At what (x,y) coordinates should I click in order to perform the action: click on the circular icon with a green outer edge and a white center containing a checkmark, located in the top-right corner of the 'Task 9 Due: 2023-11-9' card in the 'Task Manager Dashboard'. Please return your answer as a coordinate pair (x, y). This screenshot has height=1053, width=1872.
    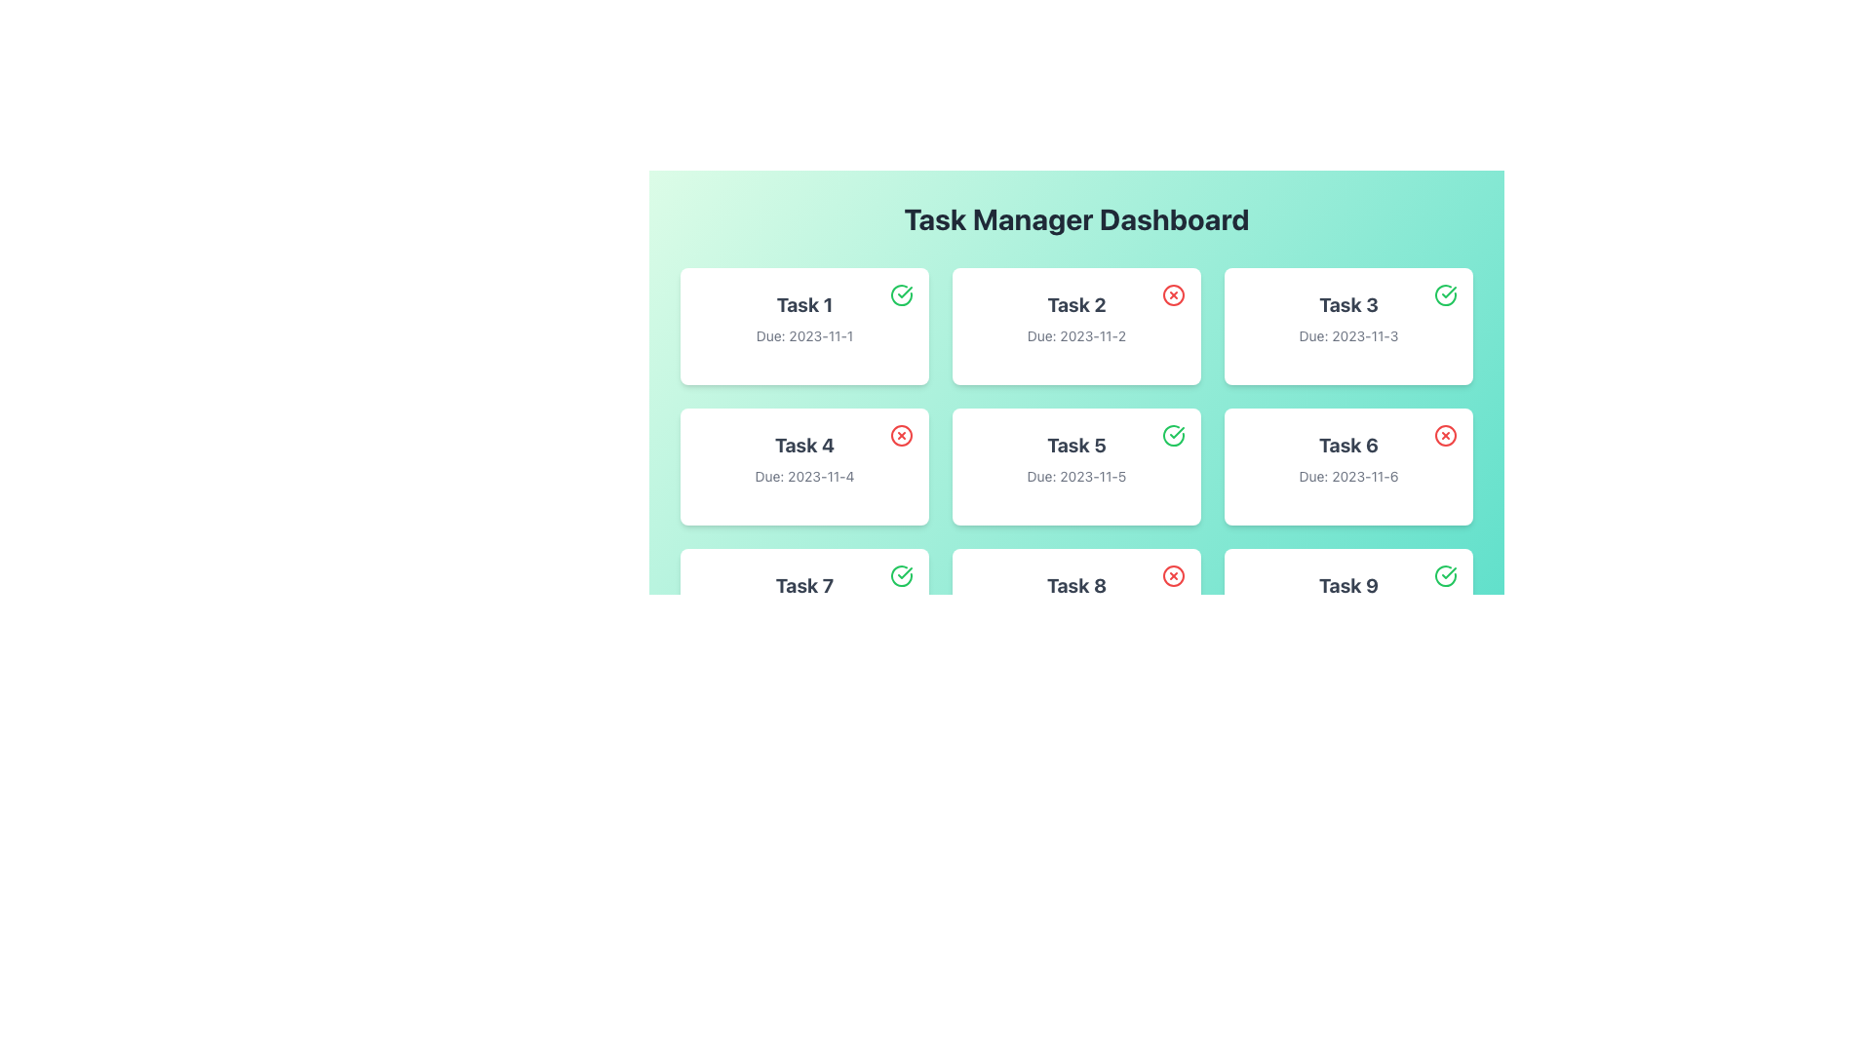
    Looking at the image, I should click on (1446, 574).